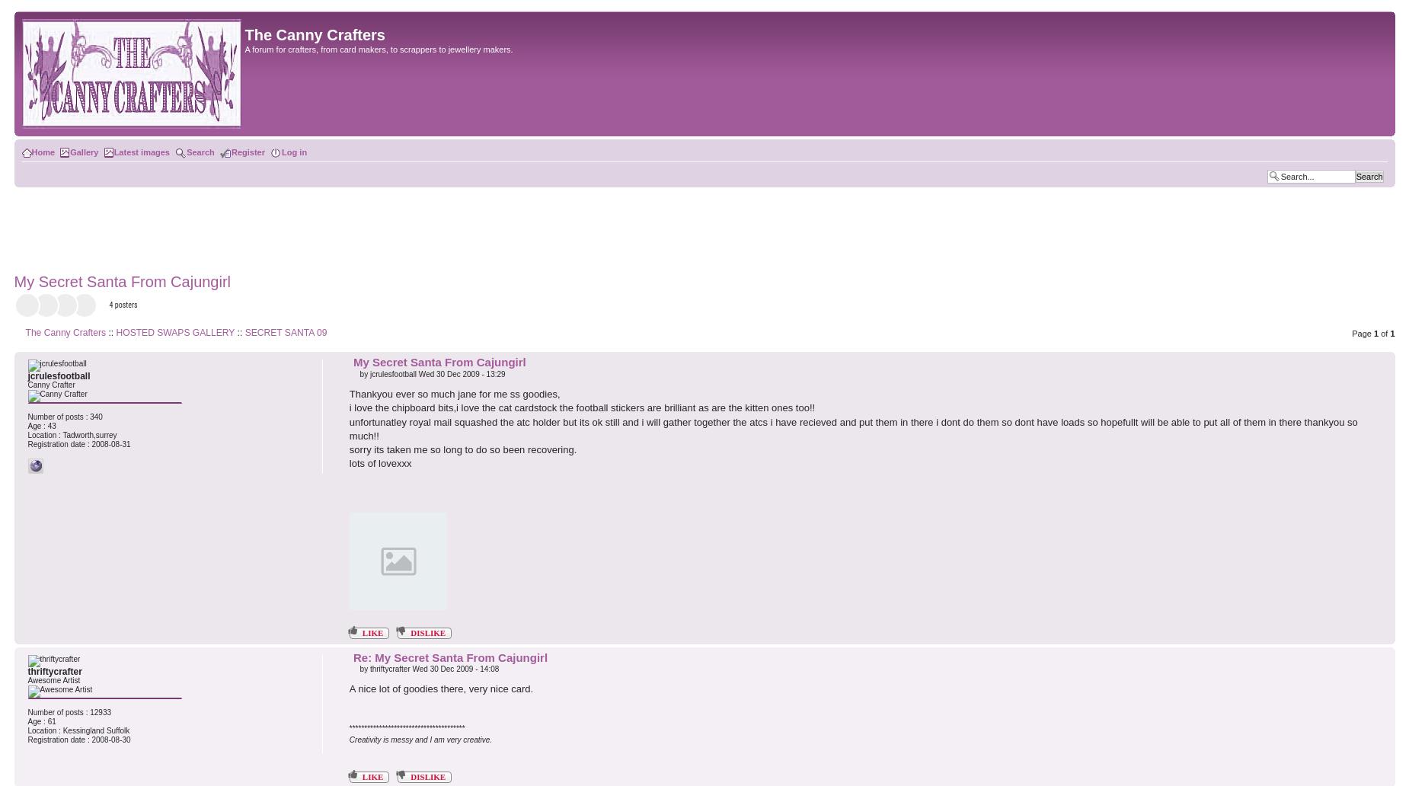 This screenshot has width=1409, height=786. Describe the element at coordinates (243, 50) in the screenshot. I see `'A forum for crafters, from card makers, to scrappers to jewellery makers.'` at that location.